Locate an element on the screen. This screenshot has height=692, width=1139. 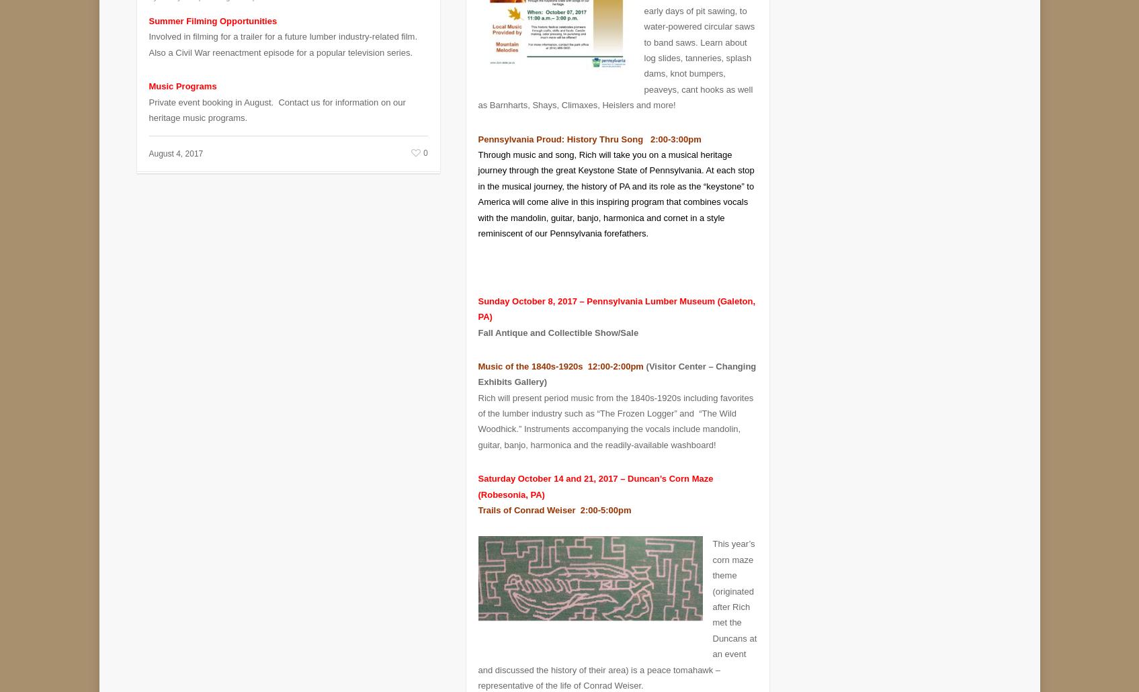
'lvania Proud: History Thru Song   2:00-3:00pm' is located at coordinates (604, 129).